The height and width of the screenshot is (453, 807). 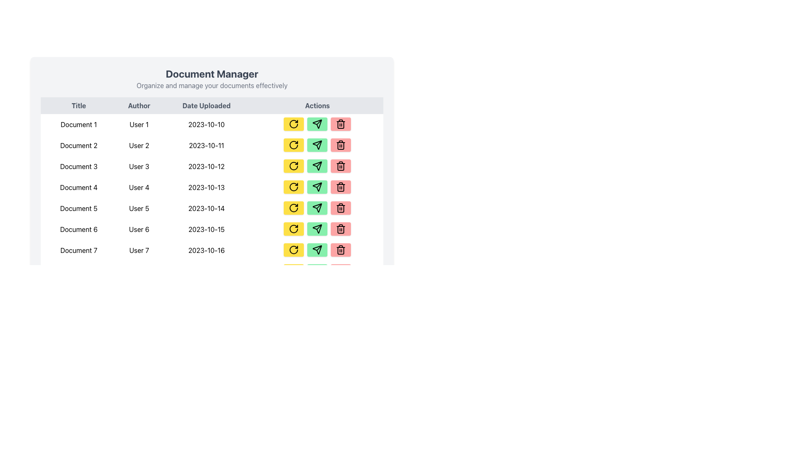 What do you see at coordinates (317, 229) in the screenshot?
I see `the second button in the horizontal row of action buttons for the 'Document 6' entry in the 'Actions' column to send the document` at bounding box center [317, 229].